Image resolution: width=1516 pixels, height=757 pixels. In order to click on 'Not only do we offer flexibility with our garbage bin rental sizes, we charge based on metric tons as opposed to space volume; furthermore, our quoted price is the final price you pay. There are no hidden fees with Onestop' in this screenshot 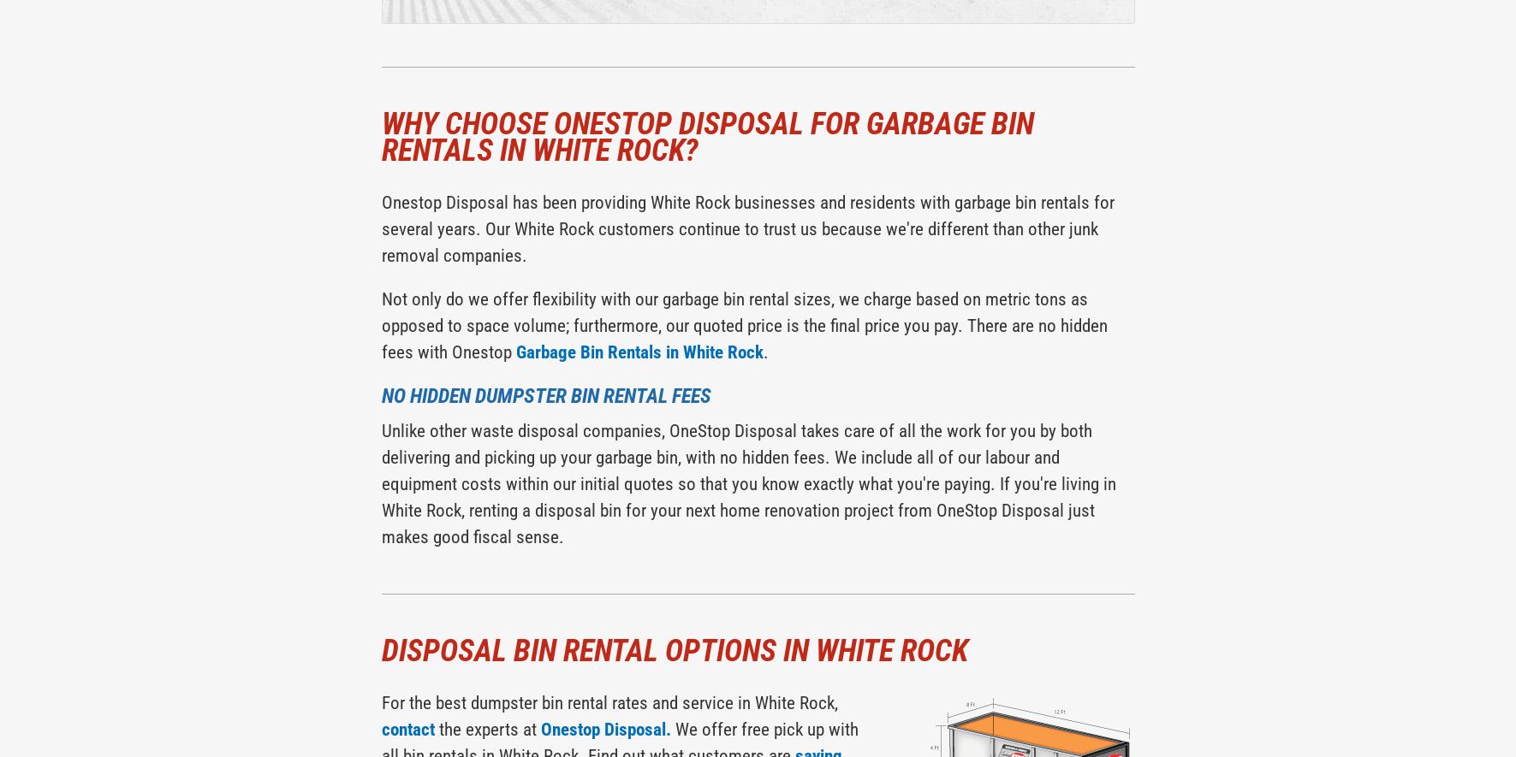, I will do `click(743, 324)`.